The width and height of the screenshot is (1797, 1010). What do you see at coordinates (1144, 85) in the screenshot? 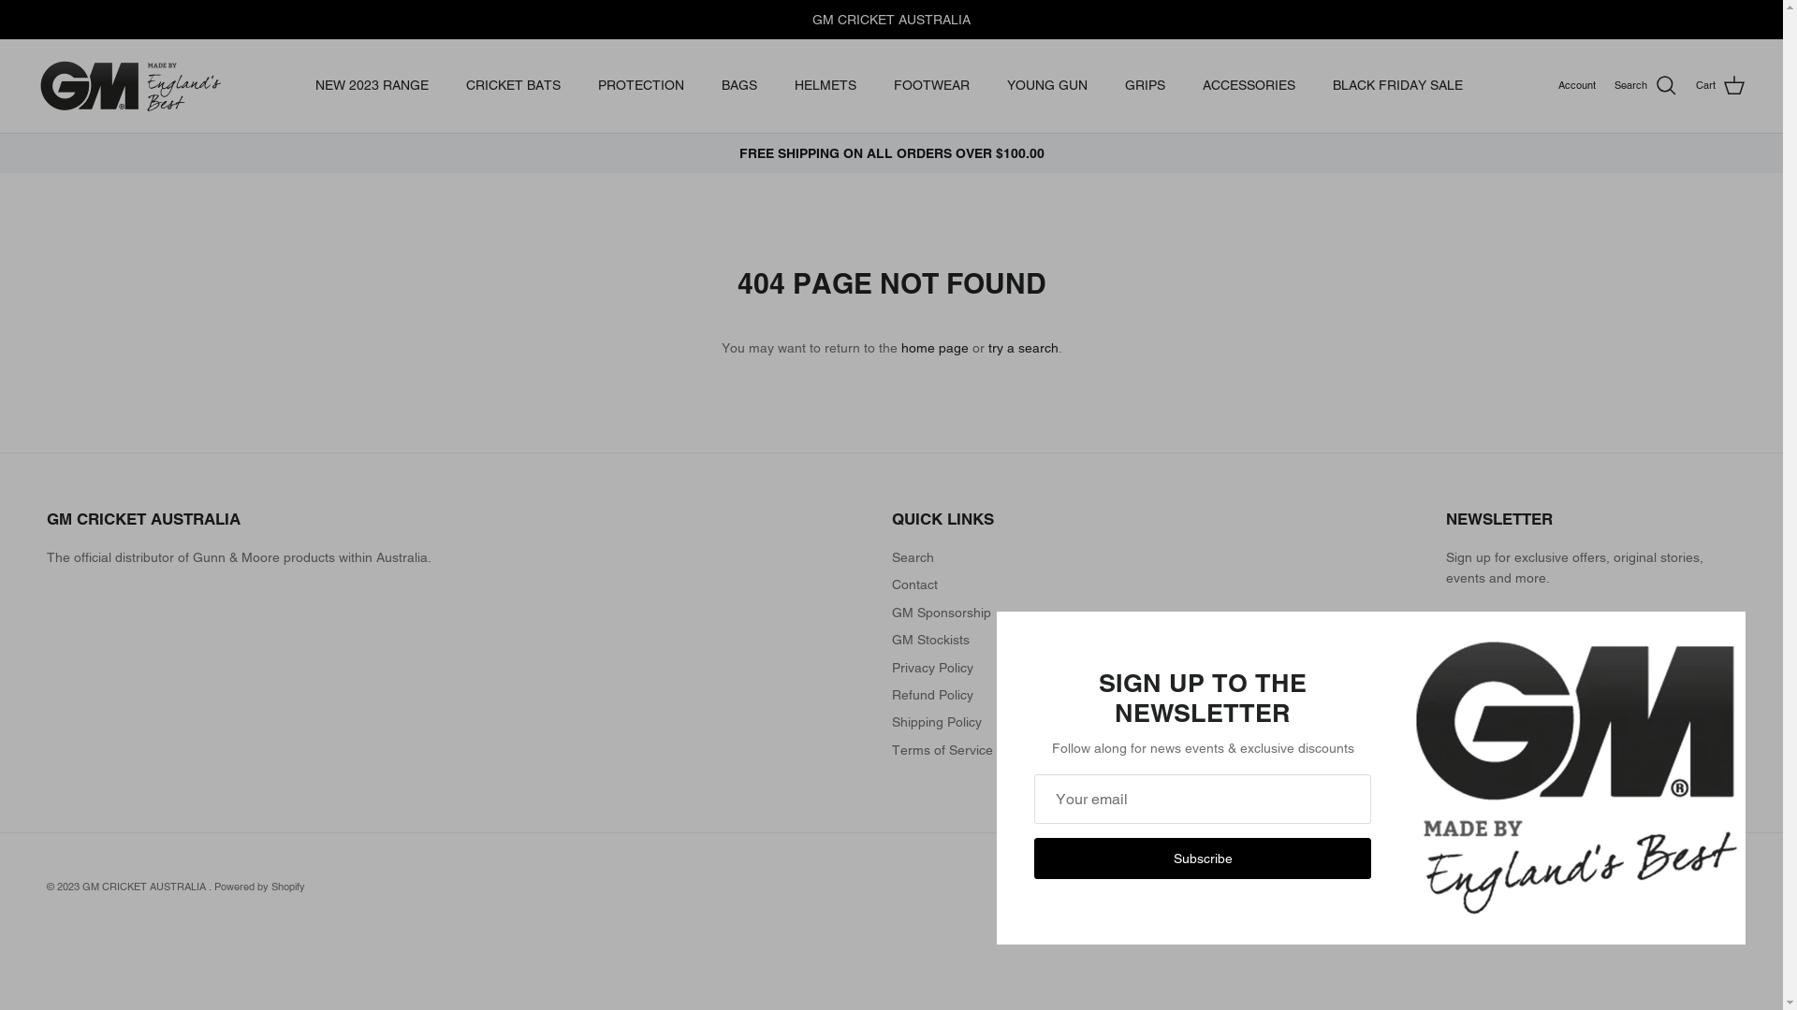
I see `'GRIPS'` at bounding box center [1144, 85].